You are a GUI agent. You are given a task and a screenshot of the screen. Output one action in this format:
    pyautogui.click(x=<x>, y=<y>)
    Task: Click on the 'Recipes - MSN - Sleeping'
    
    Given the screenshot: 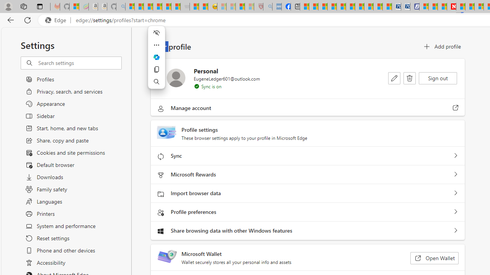 What is the action you would take?
    pyautogui.click(x=221, y=6)
    